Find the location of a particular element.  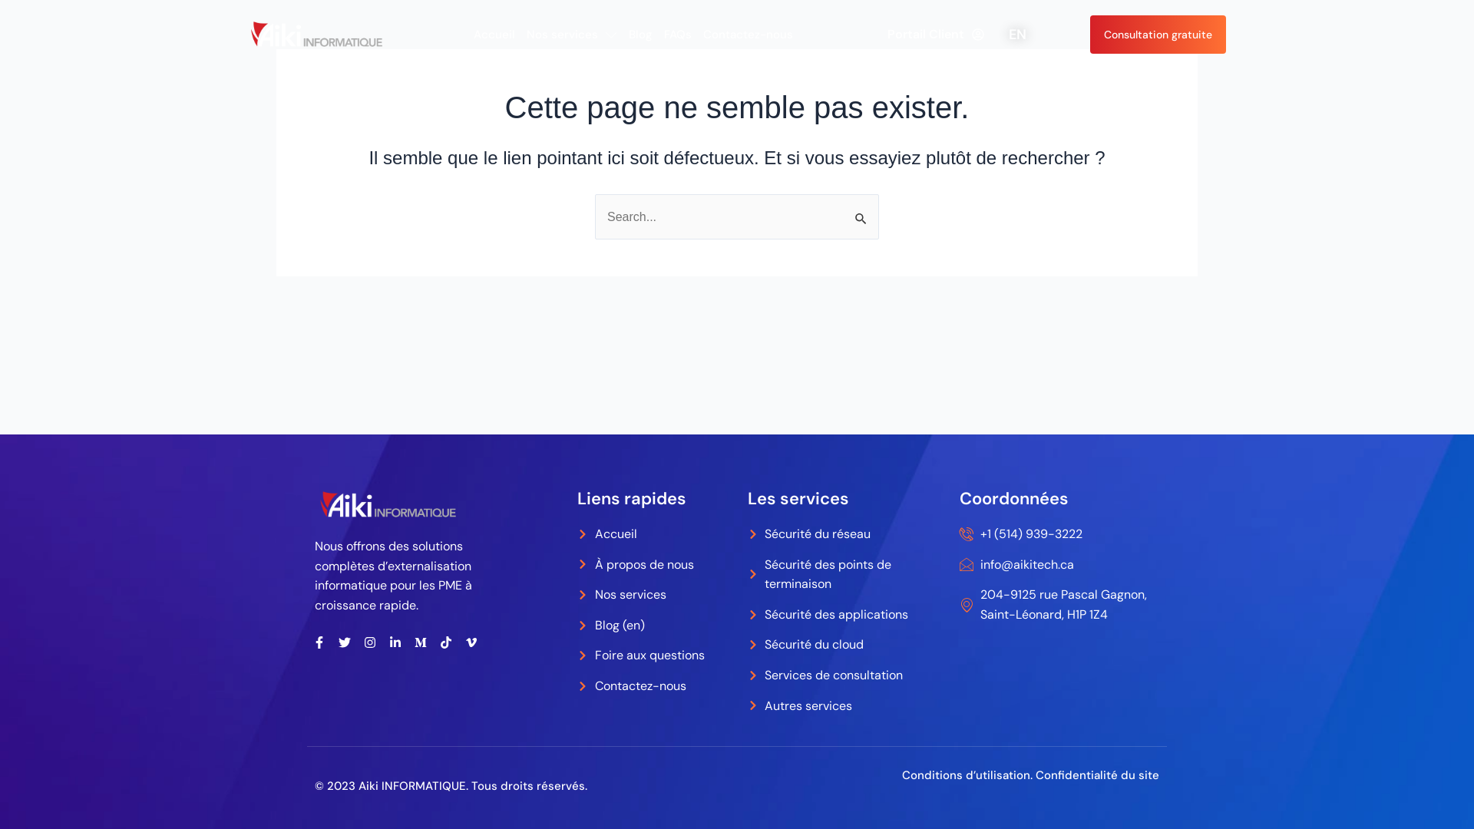

'Twitter' is located at coordinates (344, 642).